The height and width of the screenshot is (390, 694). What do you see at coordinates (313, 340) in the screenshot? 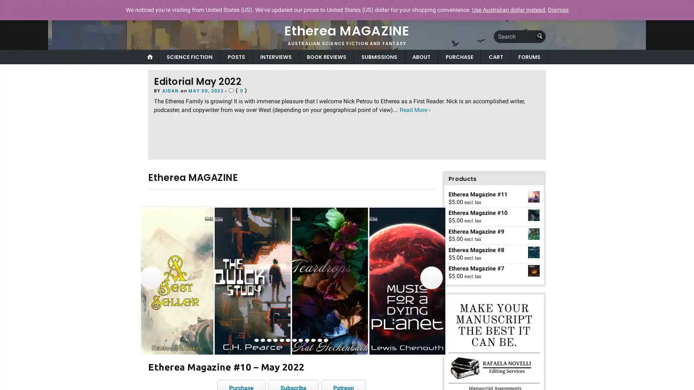
I see `view image 10 of 12 in carousel` at bounding box center [313, 340].